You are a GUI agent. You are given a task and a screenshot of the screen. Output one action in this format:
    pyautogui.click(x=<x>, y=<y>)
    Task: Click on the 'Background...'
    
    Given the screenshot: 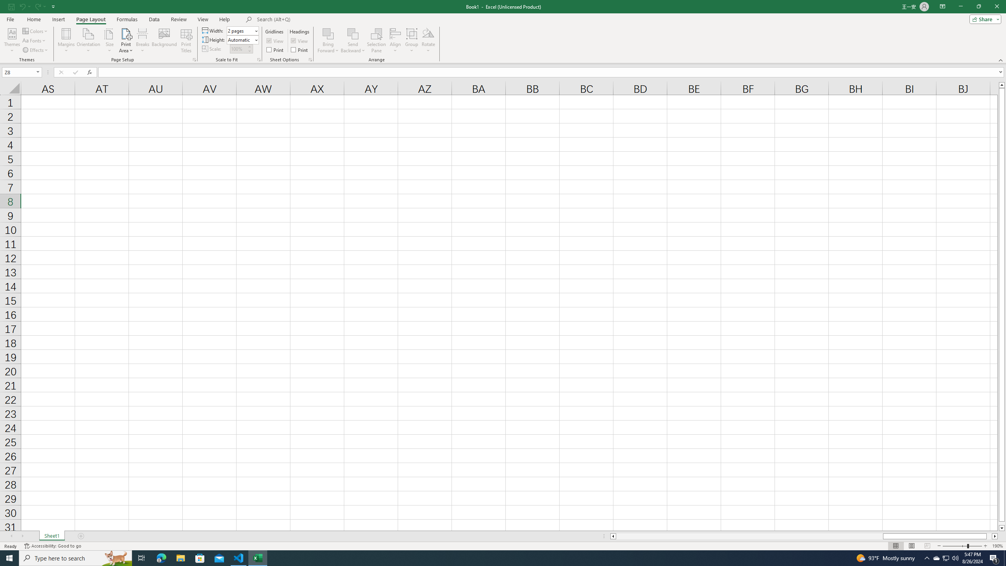 What is the action you would take?
    pyautogui.click(x=164, y=40)
    